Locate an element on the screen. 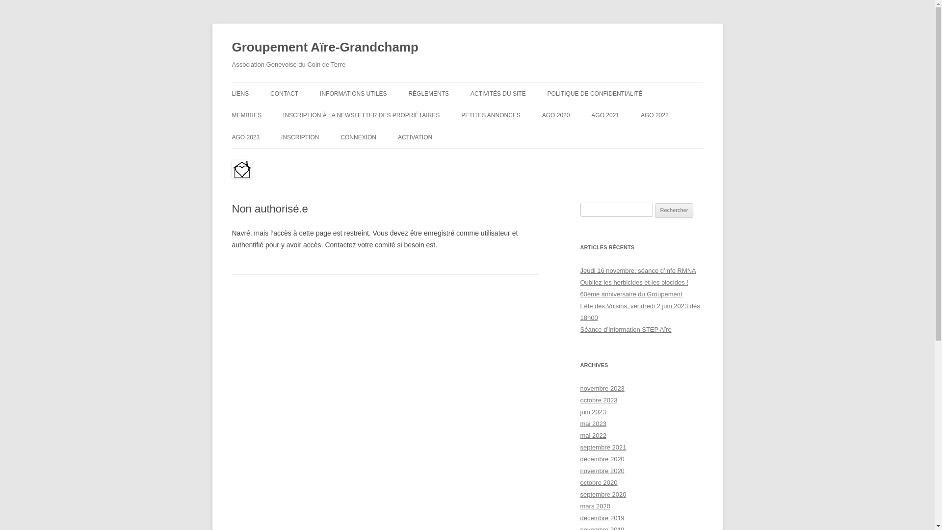  'mai 2022' is located at coordinates (592, 435).